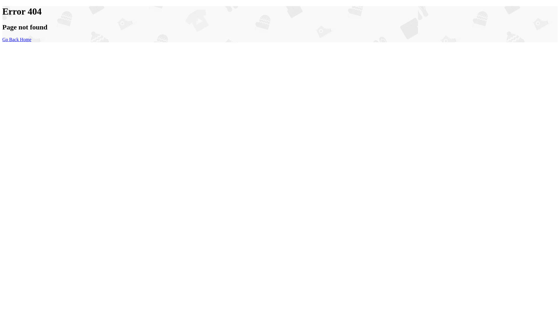 The image size is (560, 315). What do you see at coordinates (2, 39) in the screenshot?
I see `'Go Back Home'` at bounding box center [2, 39].